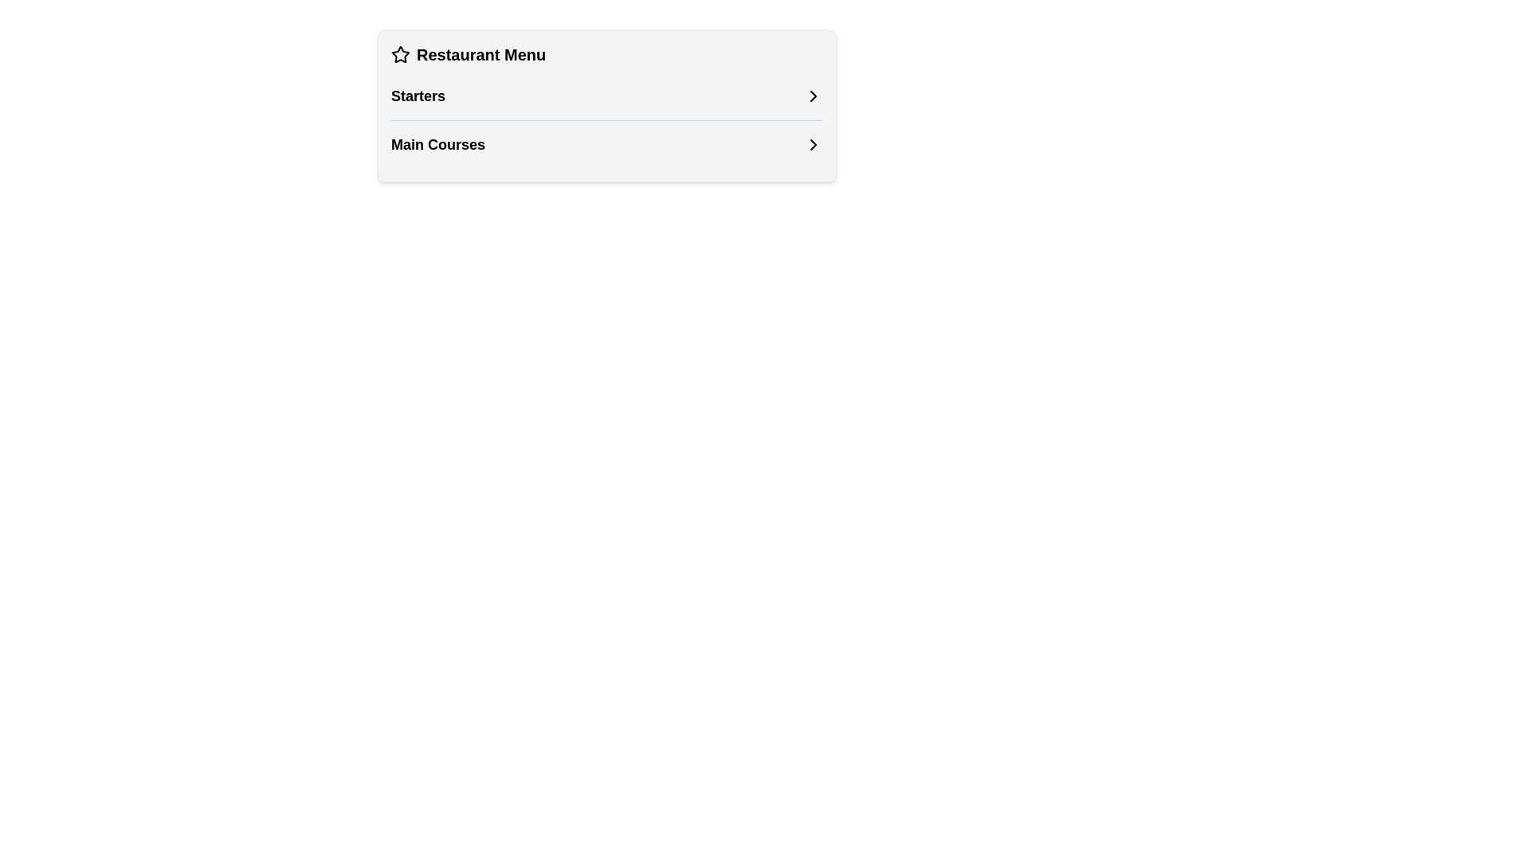 This screenshot has height=860, width=1530. I want to click on the second clickable list item beneath the 'Restaurant Menu' title that leads to the 'Main Courses' category, so click(606, 144).